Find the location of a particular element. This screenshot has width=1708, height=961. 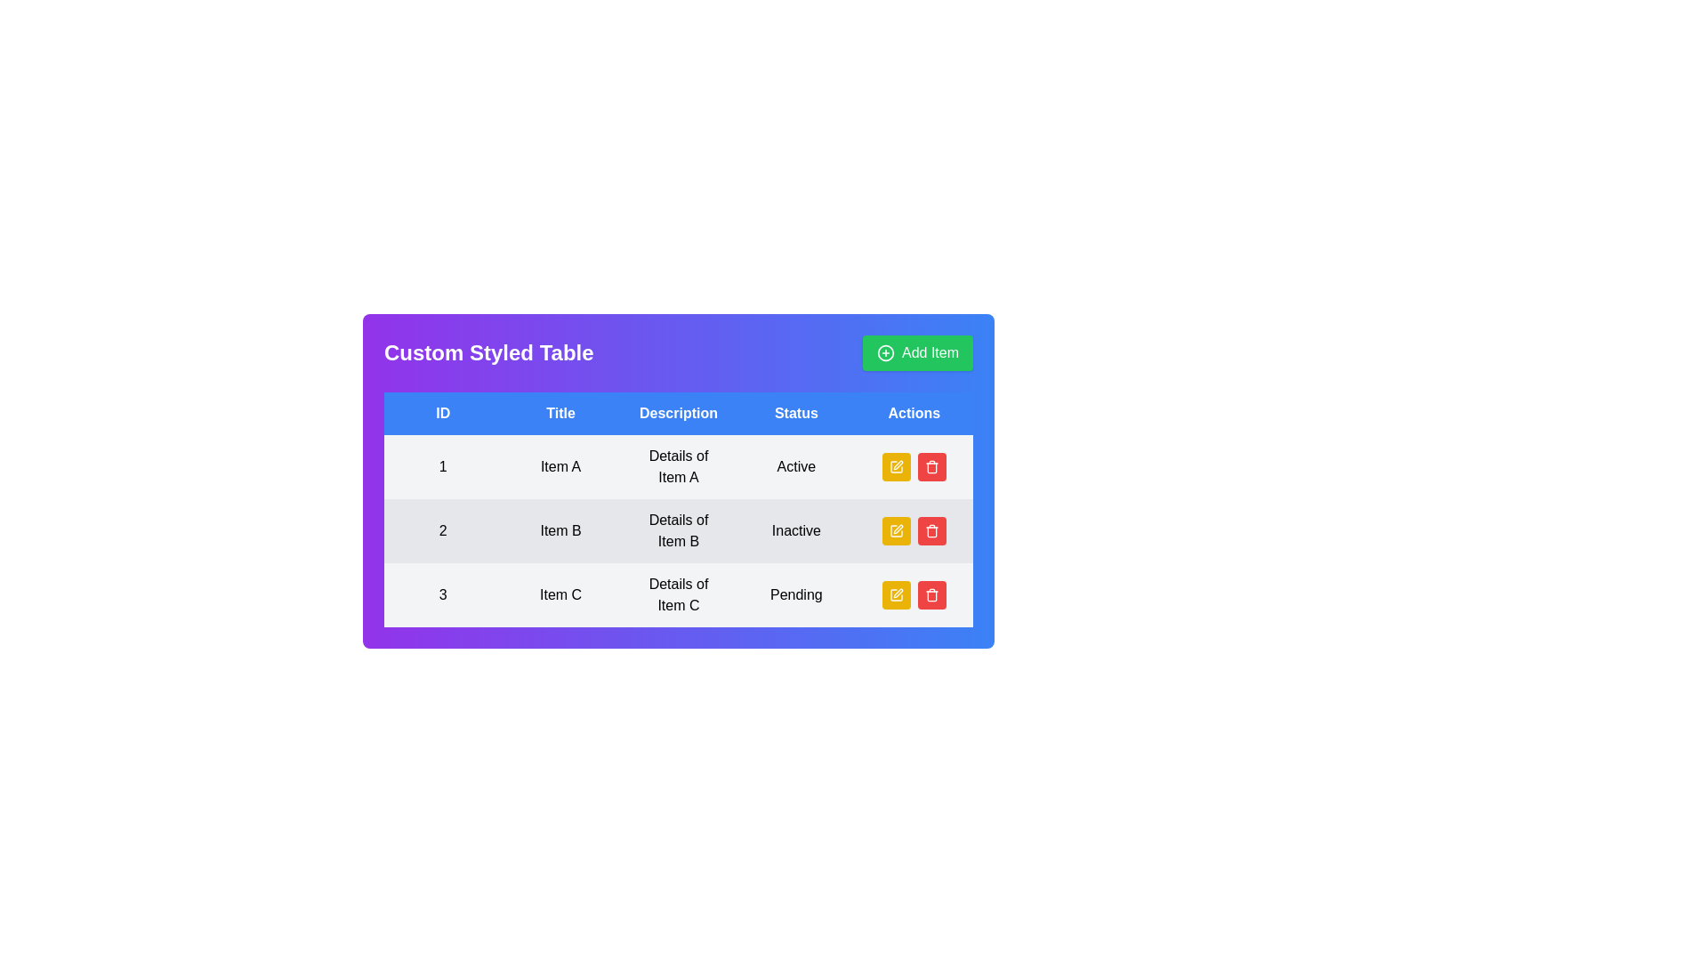

the 'Inactive' text label in the fourth column of the second row of the table, which indicates the status of 'Item B' is located at coordinates (795, 530).